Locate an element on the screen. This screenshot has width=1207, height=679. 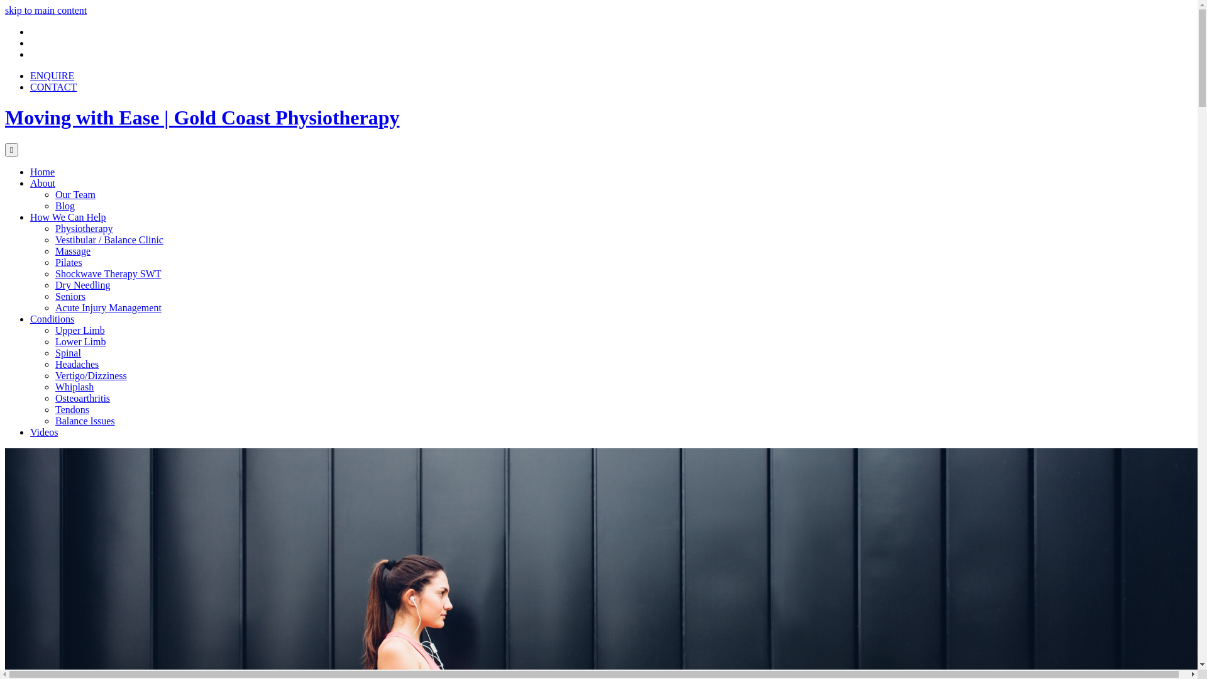
'Our Team' is located at coordinates (75, 194).